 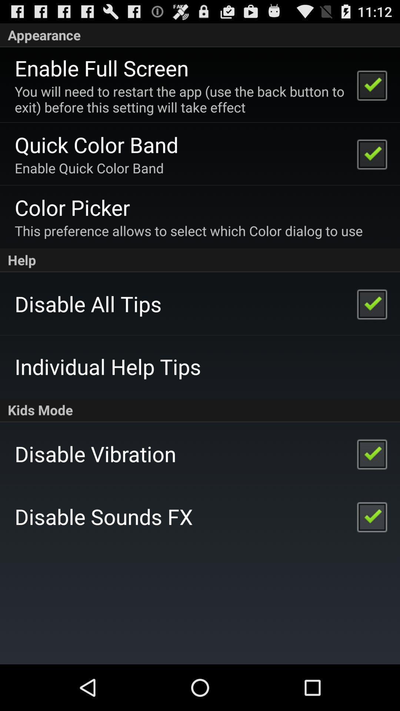 What do you see at coordinates (188, 230) in the screenshot?
I see `item above help` at bounding box center [188, 230].